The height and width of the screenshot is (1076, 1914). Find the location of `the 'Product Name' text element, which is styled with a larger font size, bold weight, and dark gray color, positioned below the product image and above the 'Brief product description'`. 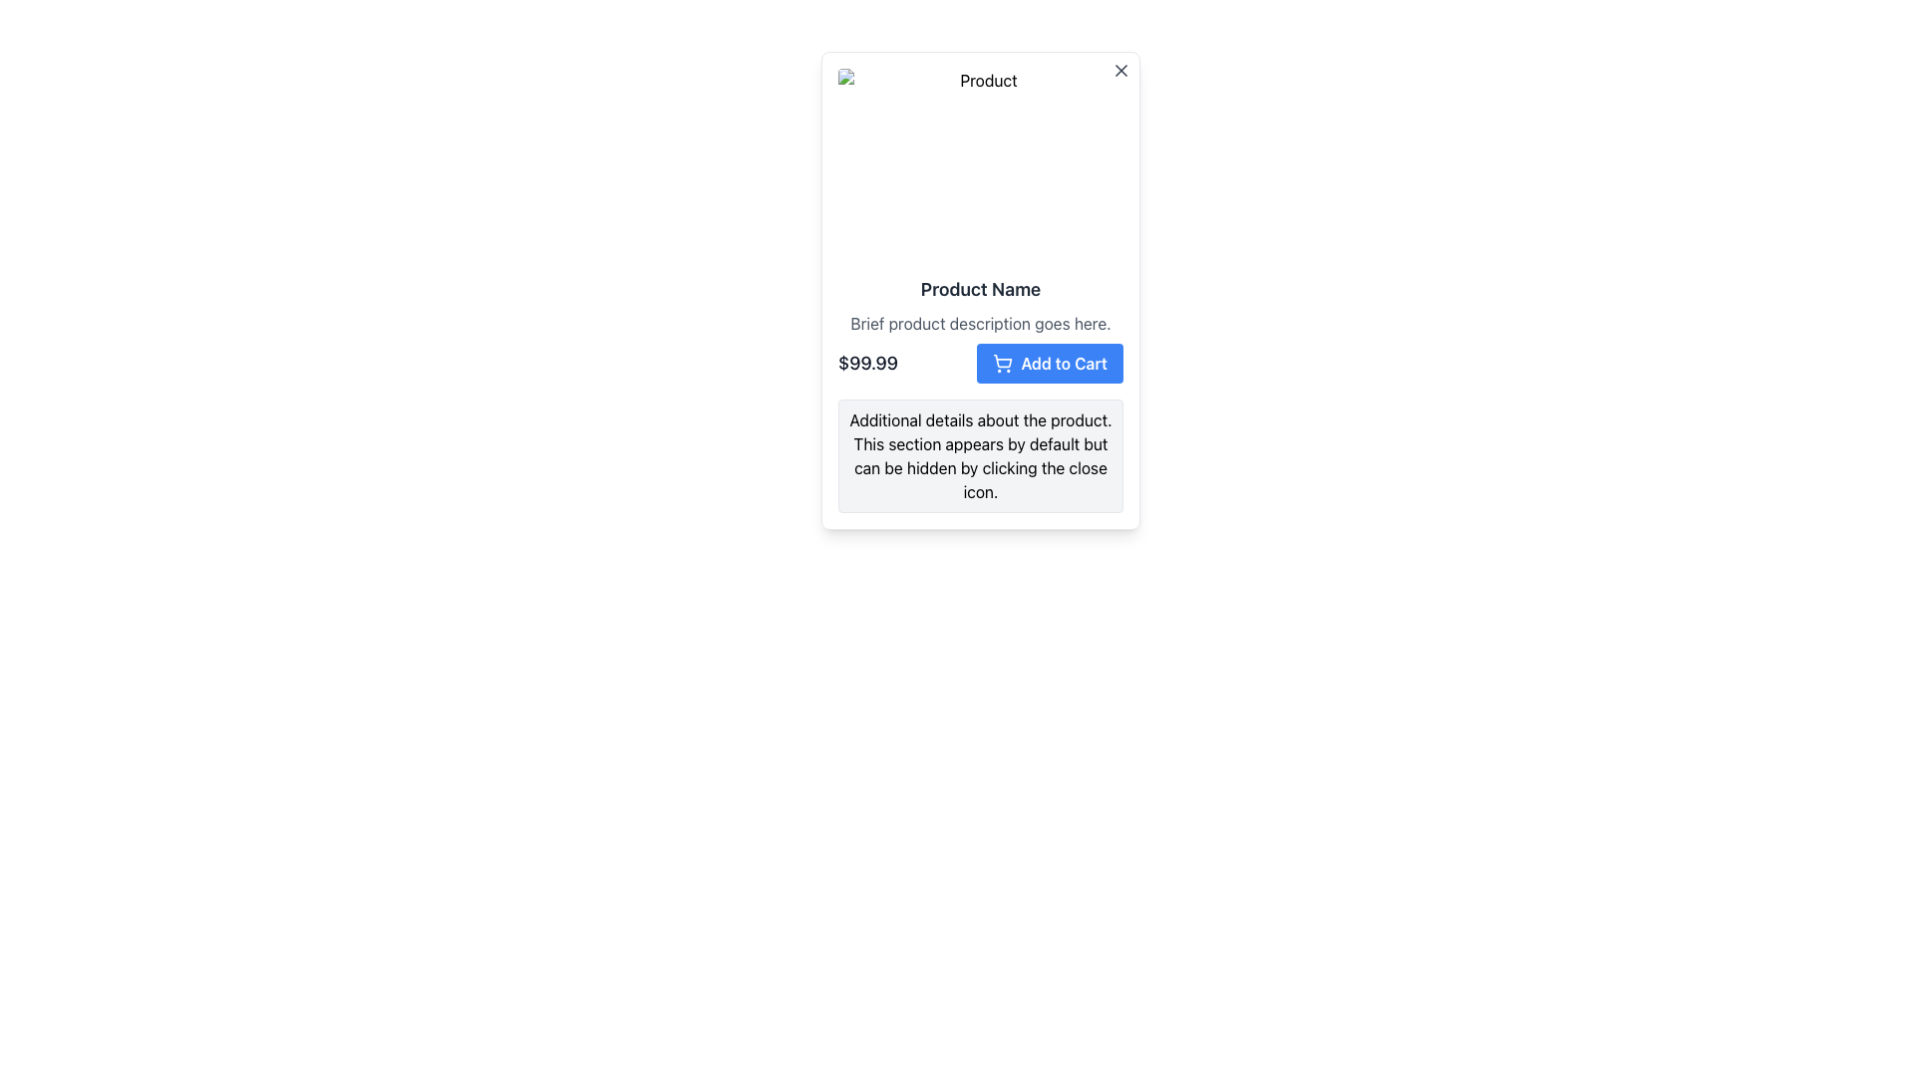

the 'Product Name' text element, which is styled with a larger font size, bold weight, and dark gray color, positioned below the product image and above the 'Brief product description' is located at coordinates (980, 289).